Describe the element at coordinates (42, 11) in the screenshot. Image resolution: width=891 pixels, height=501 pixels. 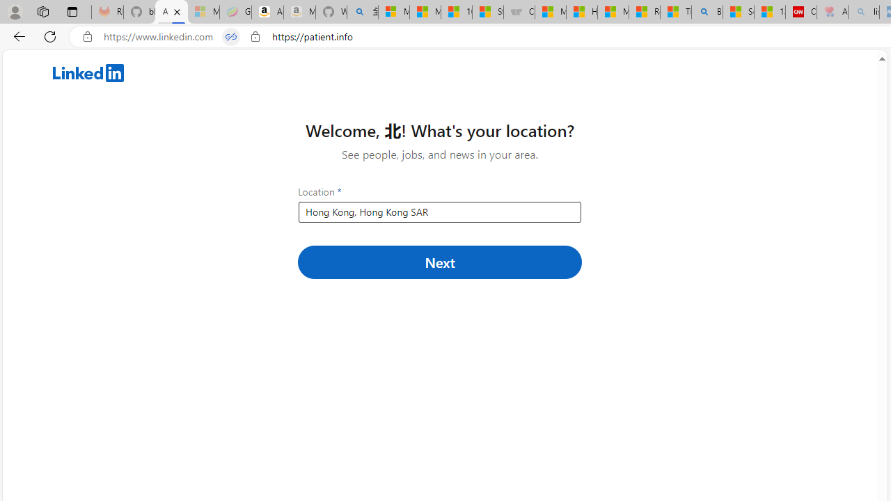
I see `'Workspaces'` at that location.